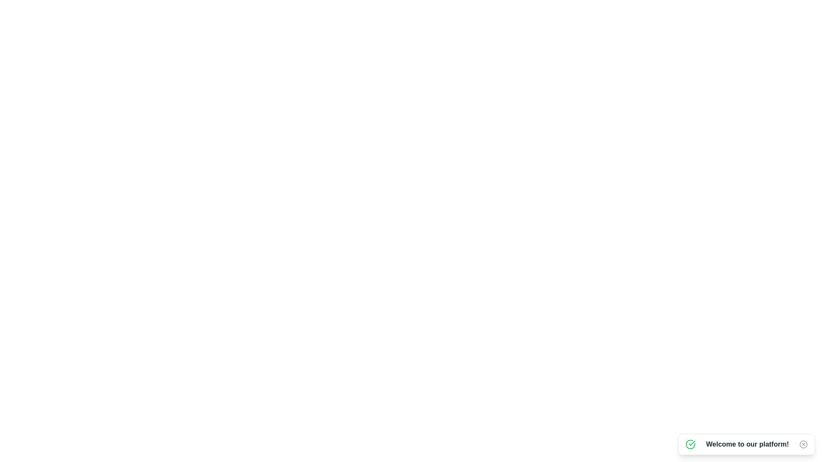 This screenshot has height=462, width=822. I want to click on the non-interactive confirmation icon located to the left of the text 'Welcome to our platform!' in the bottom-right area of the interface, so click(690, 444).